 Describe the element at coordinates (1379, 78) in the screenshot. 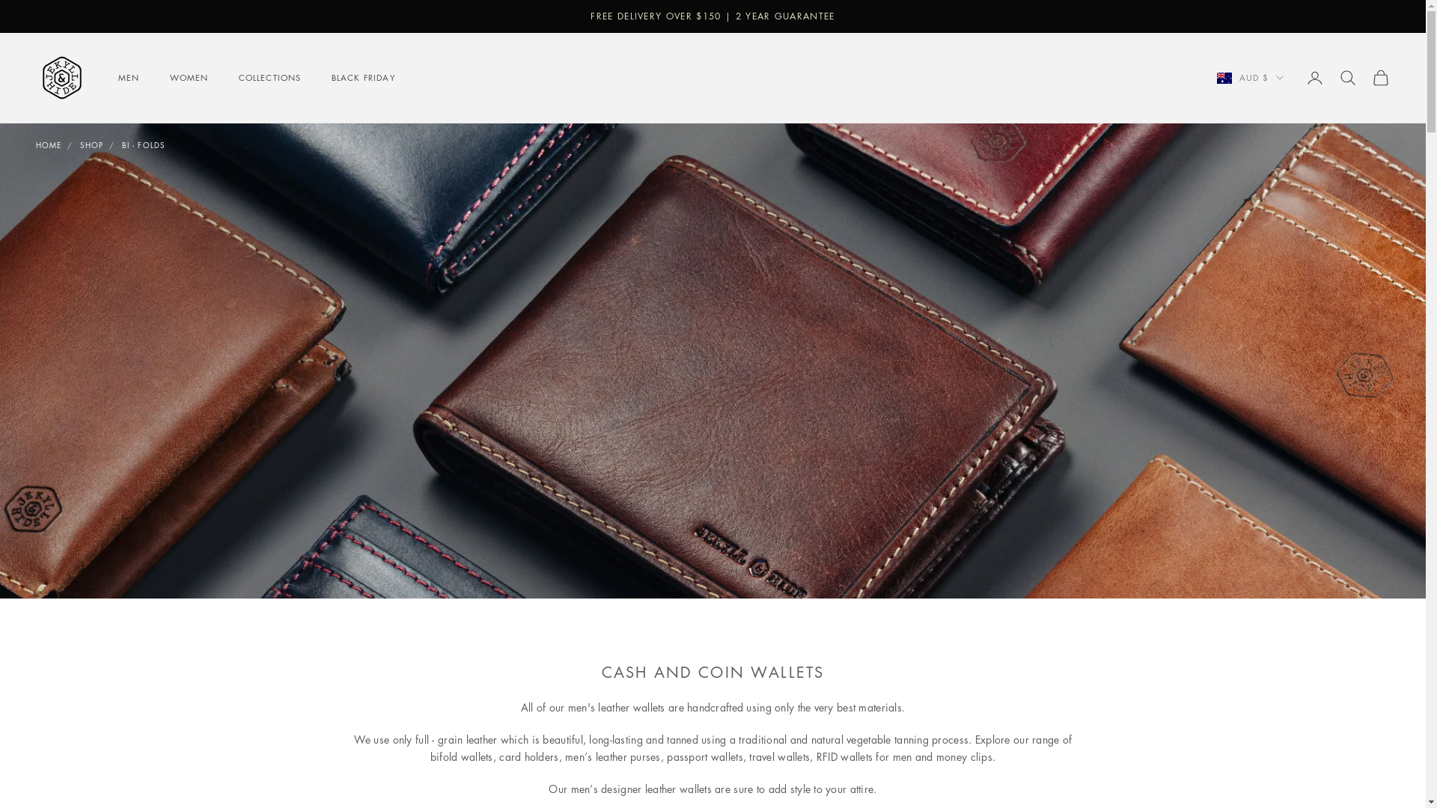

I see `'Open cart'` at that location.